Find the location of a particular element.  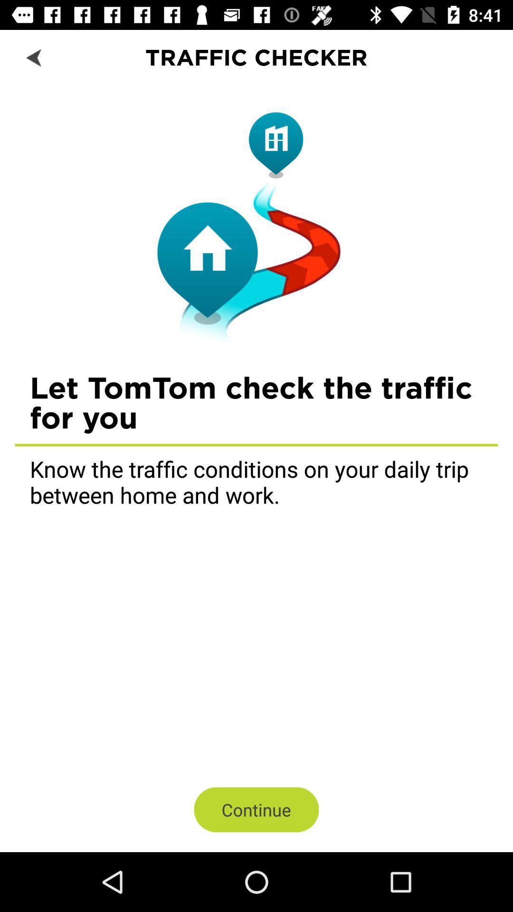

item at the top left corner is located at coordinates (34, 57).